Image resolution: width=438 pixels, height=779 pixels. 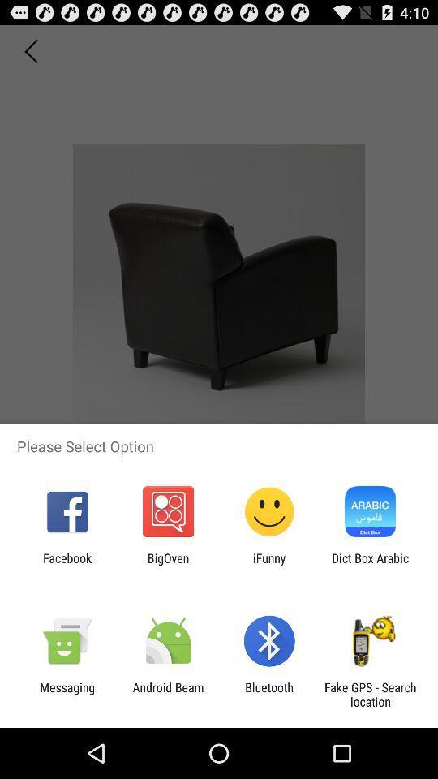 What do you see at coordinates (167, 565) in the screenshot?
I see `bigoven icon` at bounding box center [167, 565].